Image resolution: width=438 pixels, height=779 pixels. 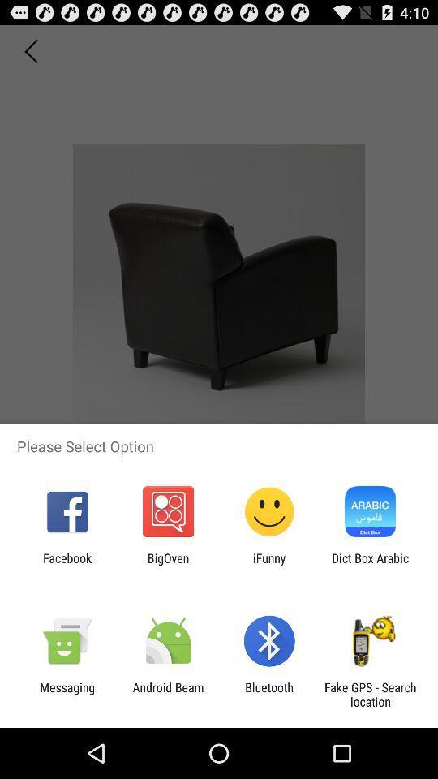 What do you see at coordinates (167, 565) in the screenshot?
I see `bigoven icon` at bounding box center [167, 565].